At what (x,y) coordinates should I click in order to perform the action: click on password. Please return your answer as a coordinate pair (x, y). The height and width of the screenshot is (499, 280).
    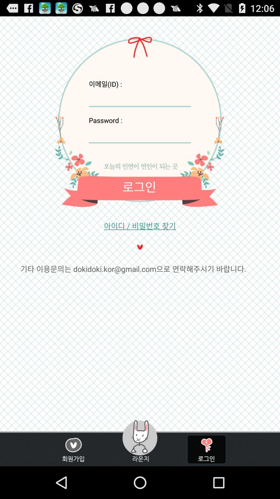
    Looking at the image, I should click on (139, 134).